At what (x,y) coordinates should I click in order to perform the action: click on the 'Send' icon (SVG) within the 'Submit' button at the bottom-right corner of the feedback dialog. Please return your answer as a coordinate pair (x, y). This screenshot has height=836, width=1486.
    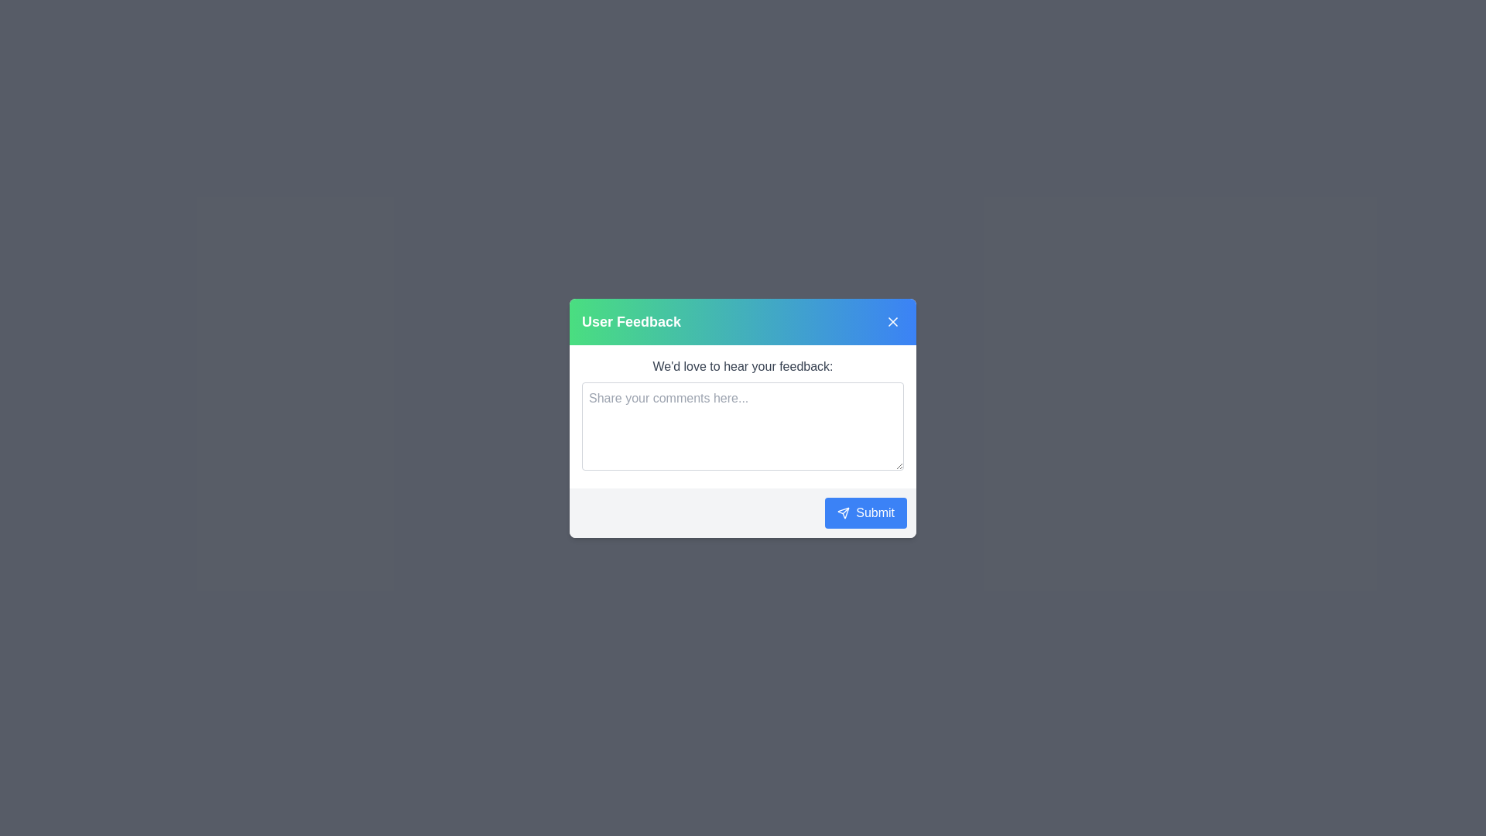
    Looking at the image, I should click on (843, 512).